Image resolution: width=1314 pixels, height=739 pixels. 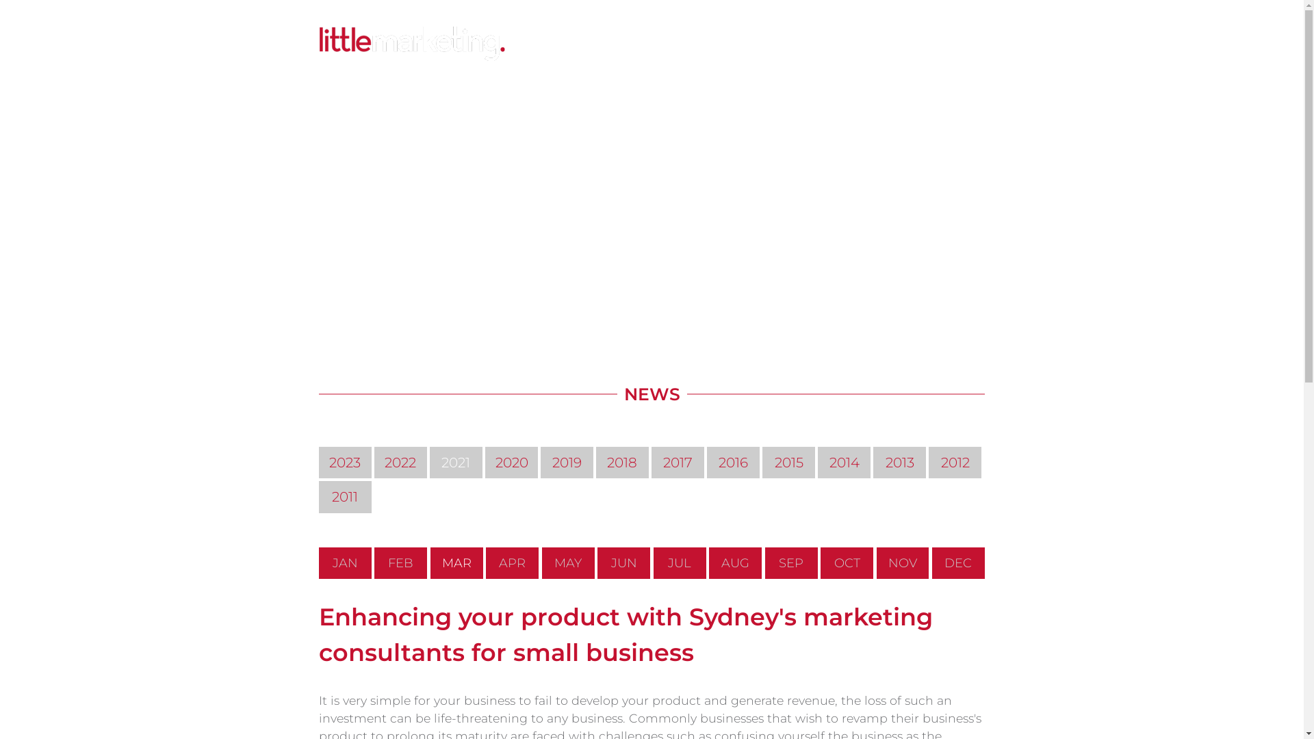 What do you see at coordinates (595, 462) in the screenshot?
I see `'2018'` at bounding box center [595, 462].